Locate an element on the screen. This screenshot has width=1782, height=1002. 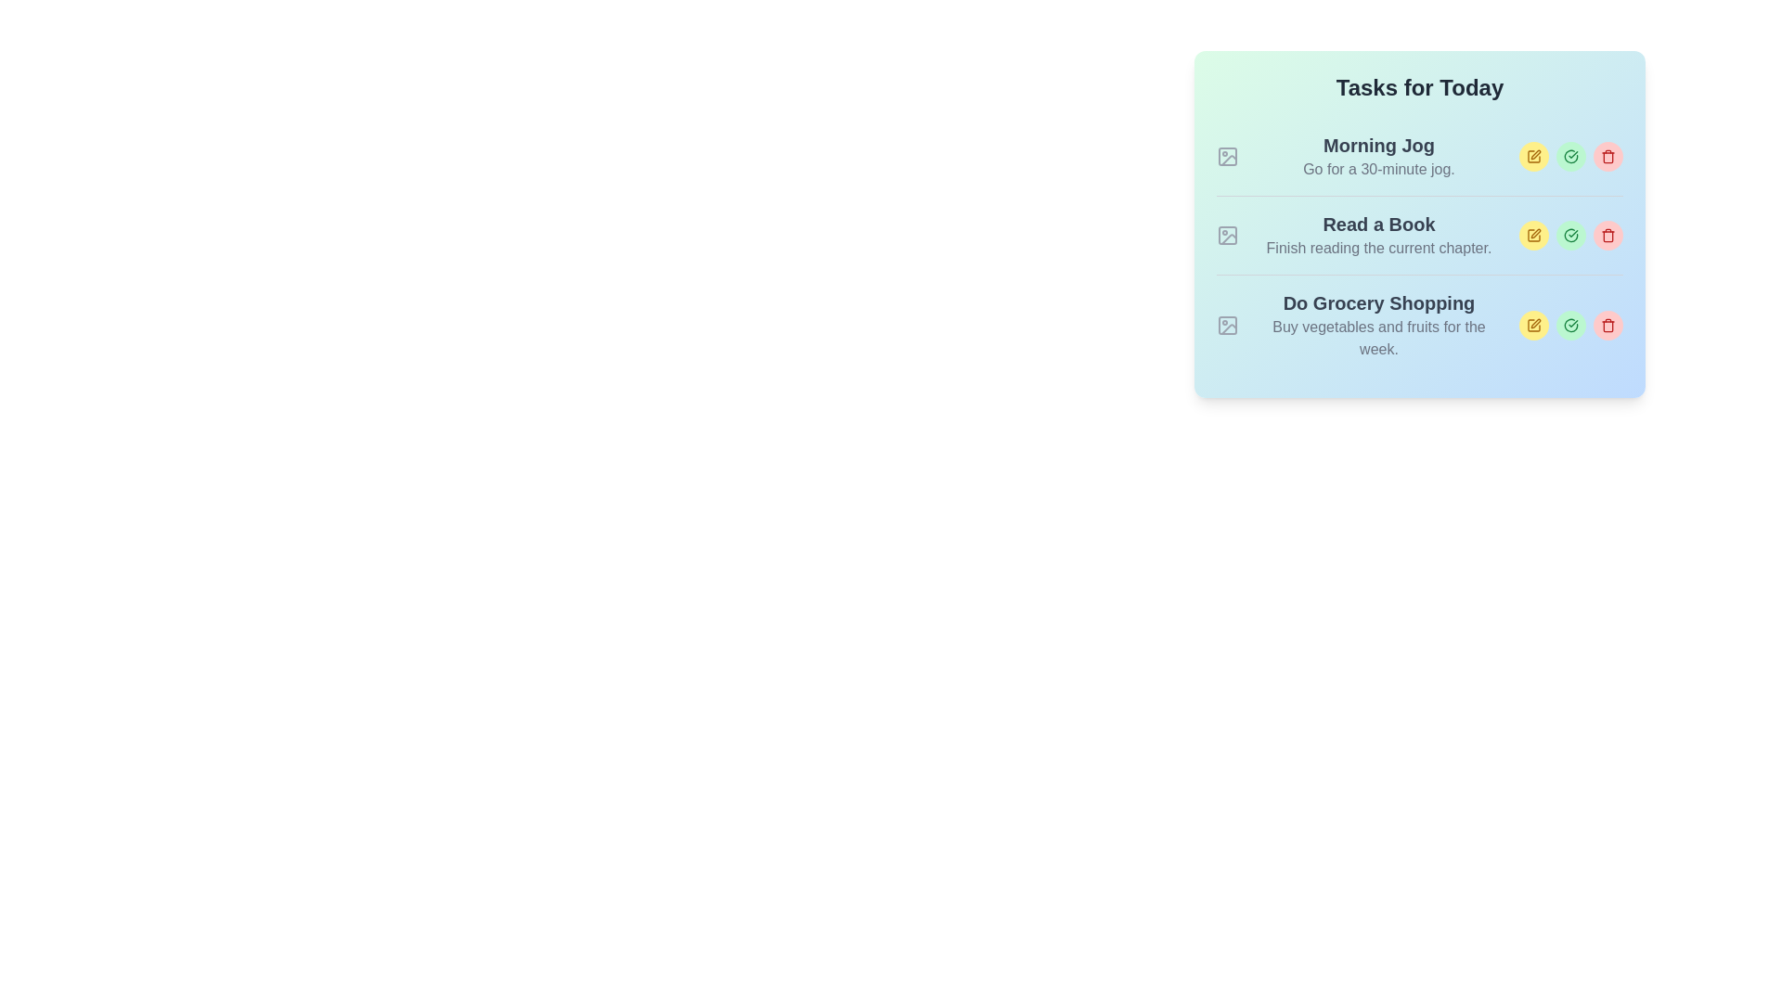
the red trash can button located at the far right of the second row in the 'Tasks for Today' card is located at coordinates (1607, 235).